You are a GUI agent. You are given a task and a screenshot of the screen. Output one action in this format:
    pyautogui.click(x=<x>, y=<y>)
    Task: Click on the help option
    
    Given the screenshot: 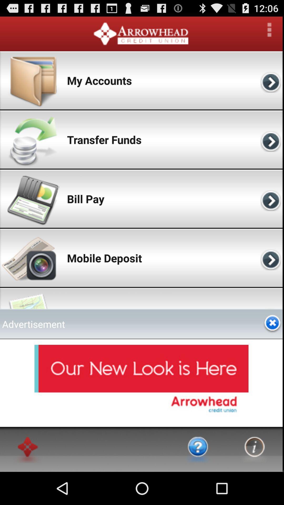 What is the action you would take?
    pyautogui.click(x=198, y=449)
    